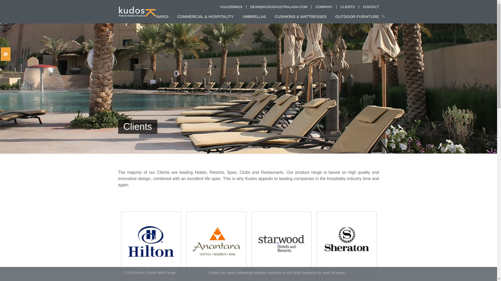 The width and height of the screenshot is (501, 281). What do you see at coordinates (371, 7) in the screenshot?
I see `'CONTACT'` at bounding box center [371, 7].